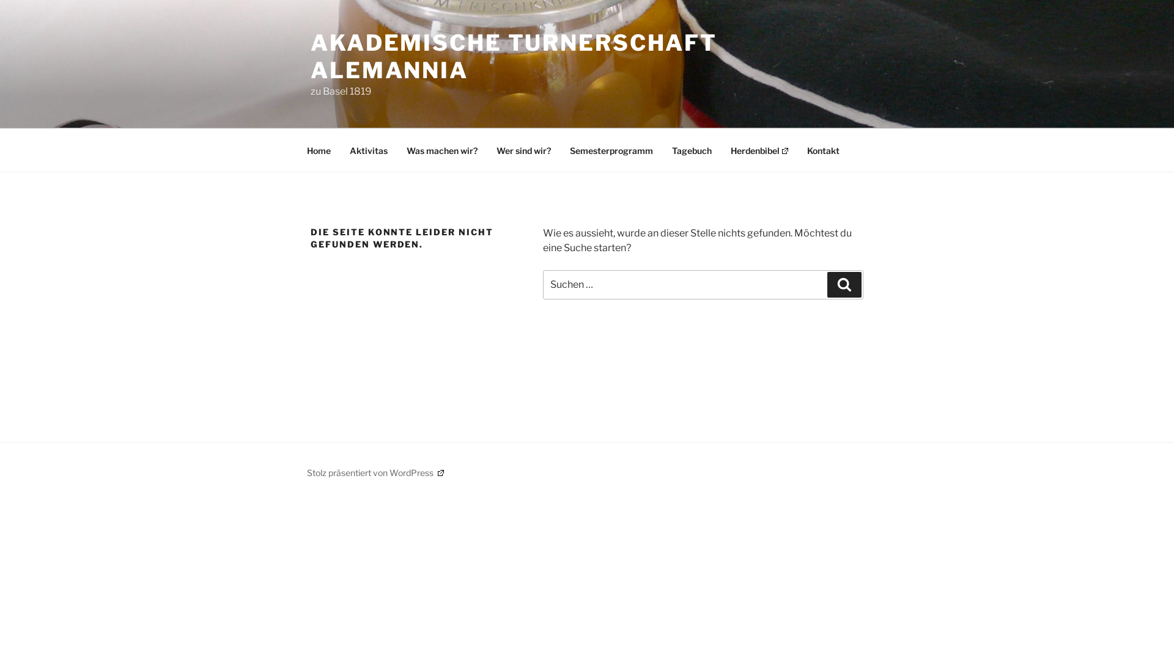 Image resolution: width=1174 pixels, height=660 pixels. Describe the element at coordinates (368, 150) in the screenshot. I see `'Aktivitas'` at that location.